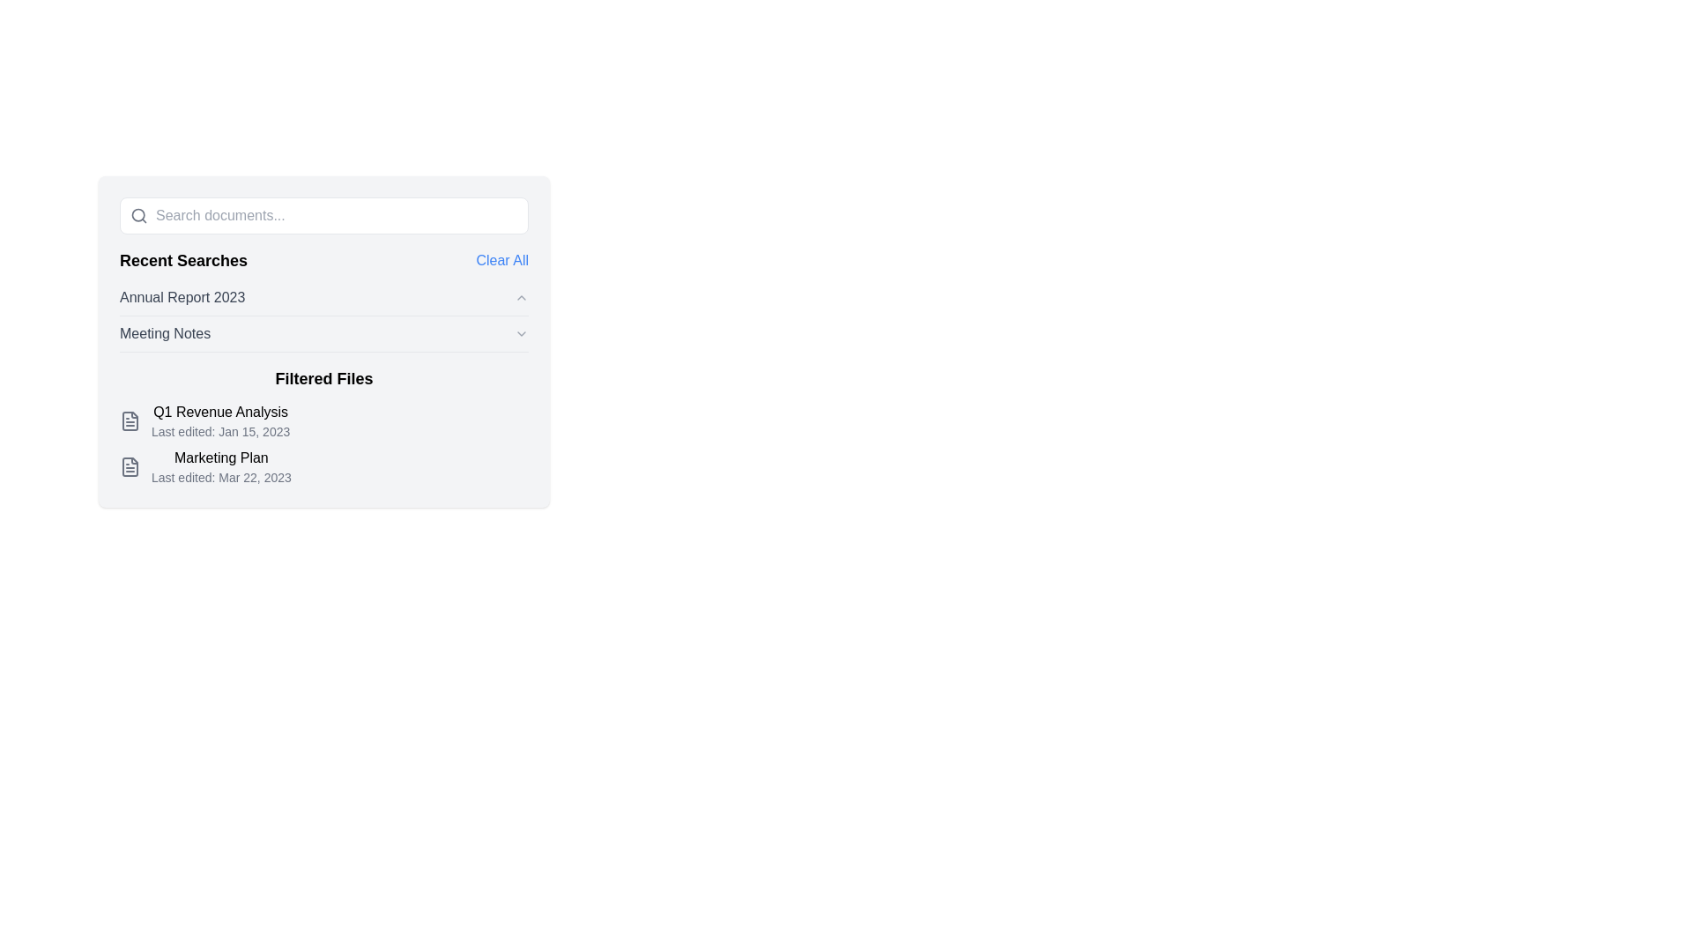 Image resolution: width=1692 pixels, height=952 pixels. Describe the element at coordinates (182, 297) in the screenshot. I see `the static text label reading 'Annual Report 2023'` at that location.